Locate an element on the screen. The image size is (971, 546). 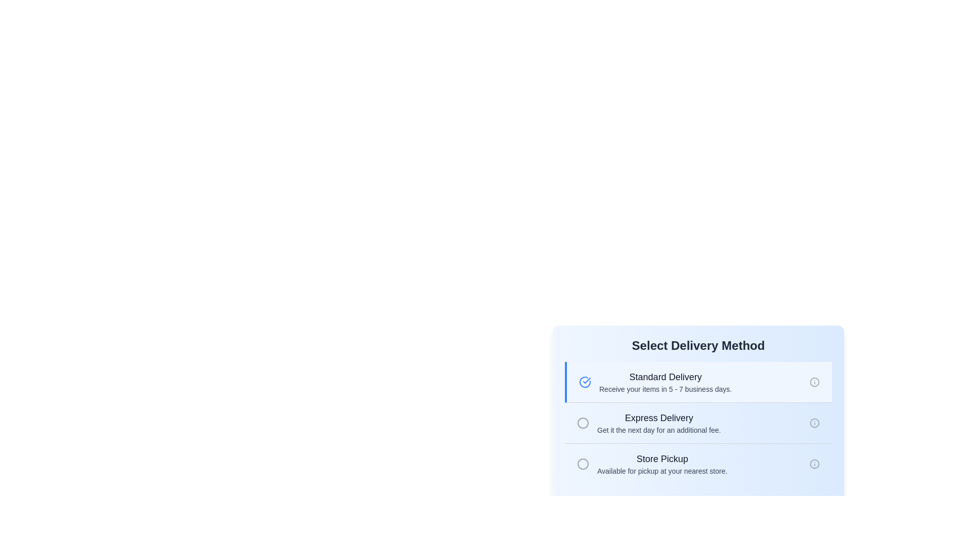
the circular checkmark icon that indicates the 'Standard Delivery' option is selected is located at coordinates (587, 380).